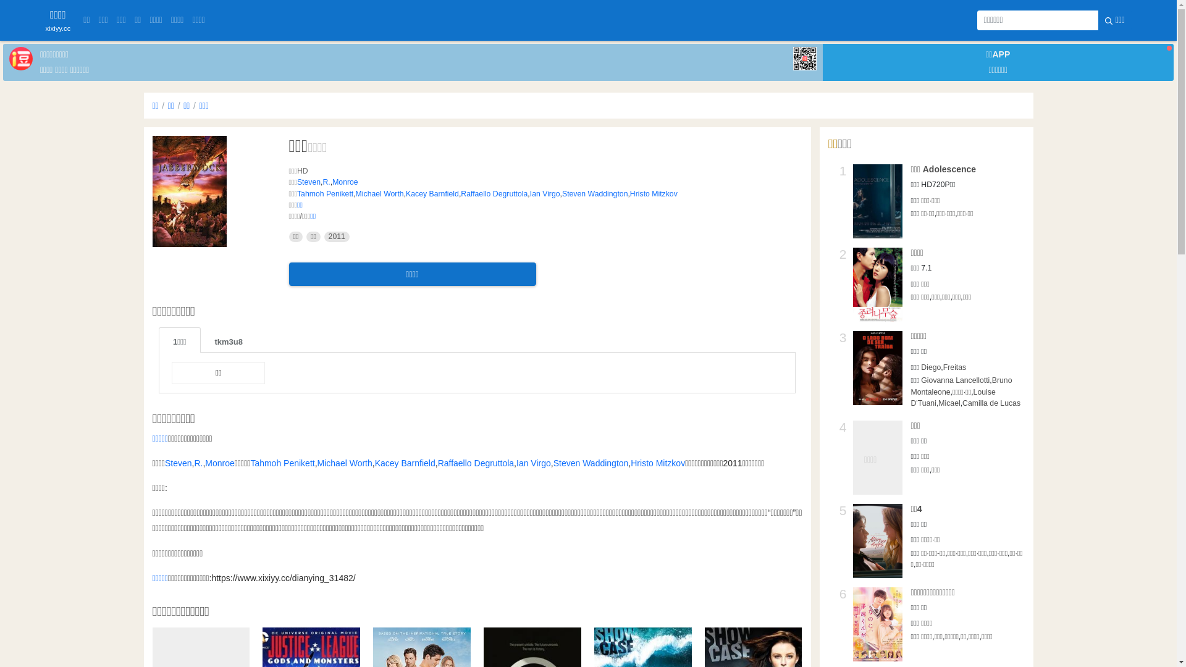 This screenshot has height=667, width=1186. I want to click on 'Steven', so click(308, 182).